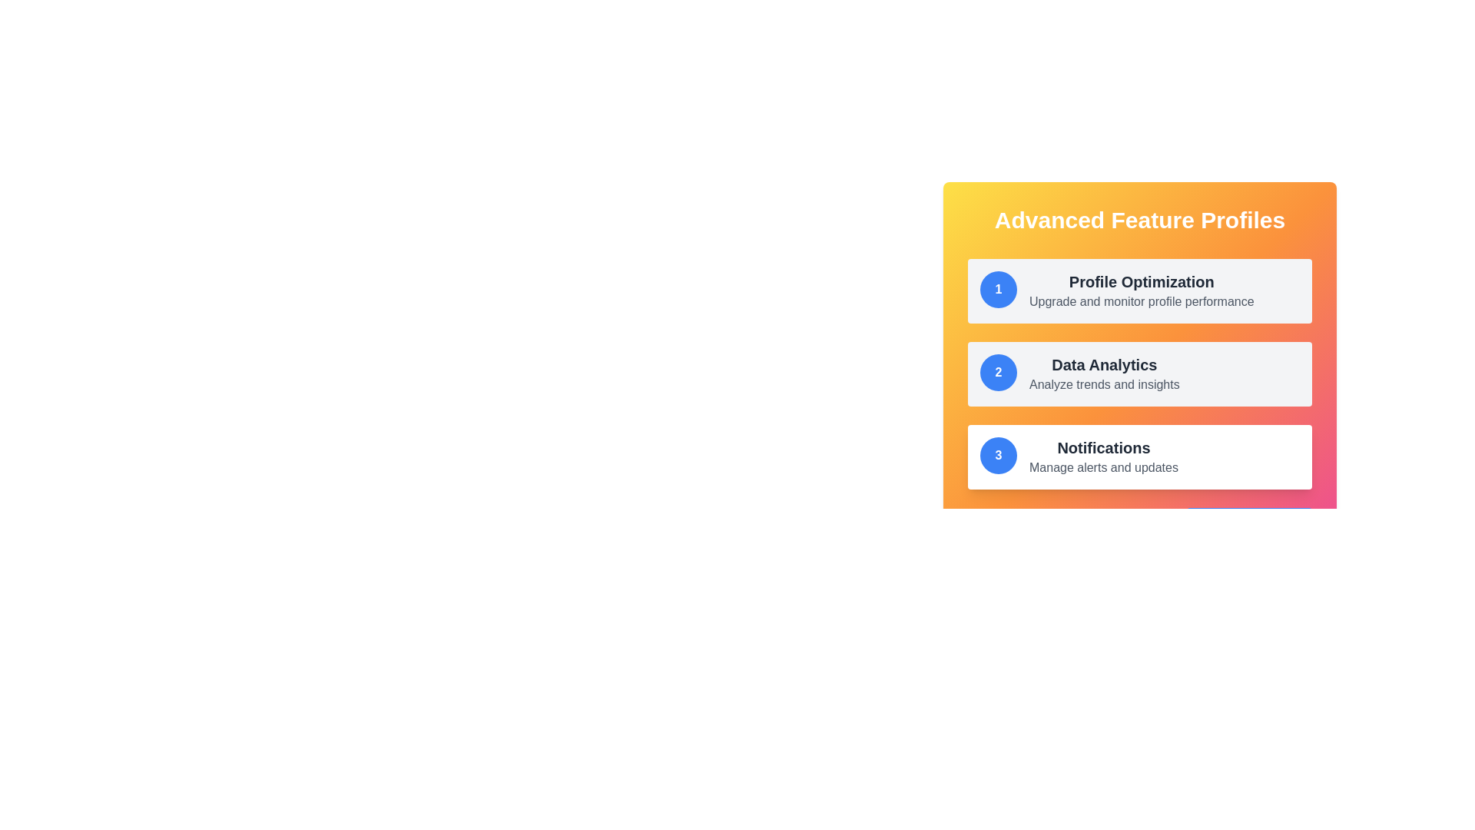 This screenshot has height=830, width=1475. What do you see at coordinates (1139, 335) in the screenshot?
I see `the categorized menu panel located in the upper right quadrant of the interface for navigation or informative purposes` at bounding box center [1139, 335].